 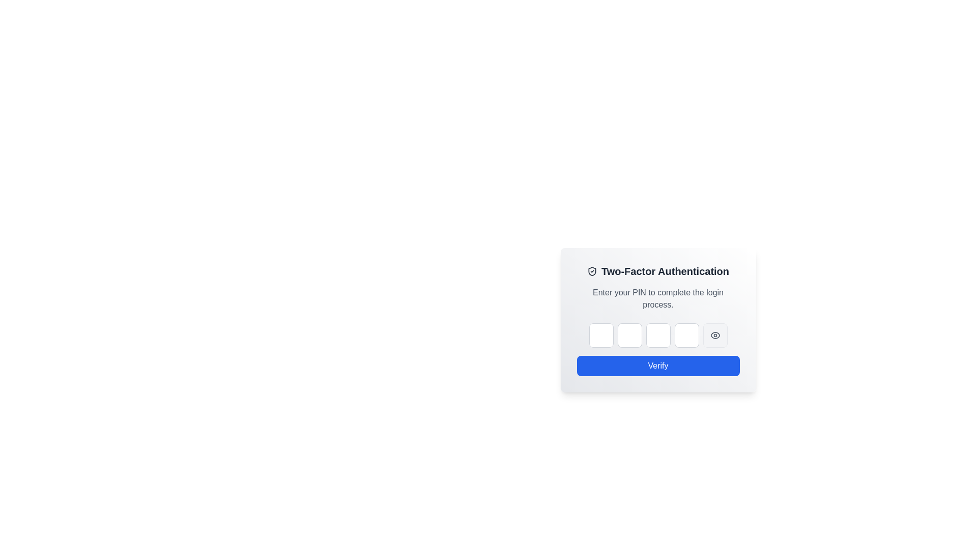 What do you see at coordinates (658, 298) in the screenshot?
I see `the informational text that says 'Enter your PIN to complete the login process.' which is displayed in gray text within the 'Two-Factor Authentication' card interface` at bounding box center [658, 298].